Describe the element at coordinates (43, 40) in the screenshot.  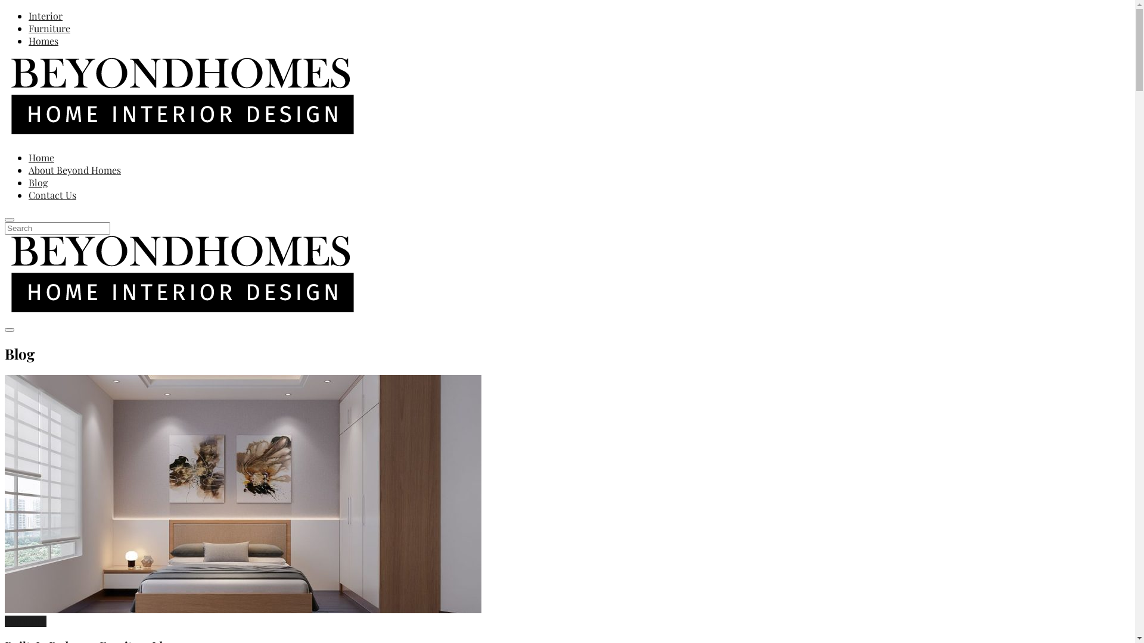
I see `'Homes'` at that location.